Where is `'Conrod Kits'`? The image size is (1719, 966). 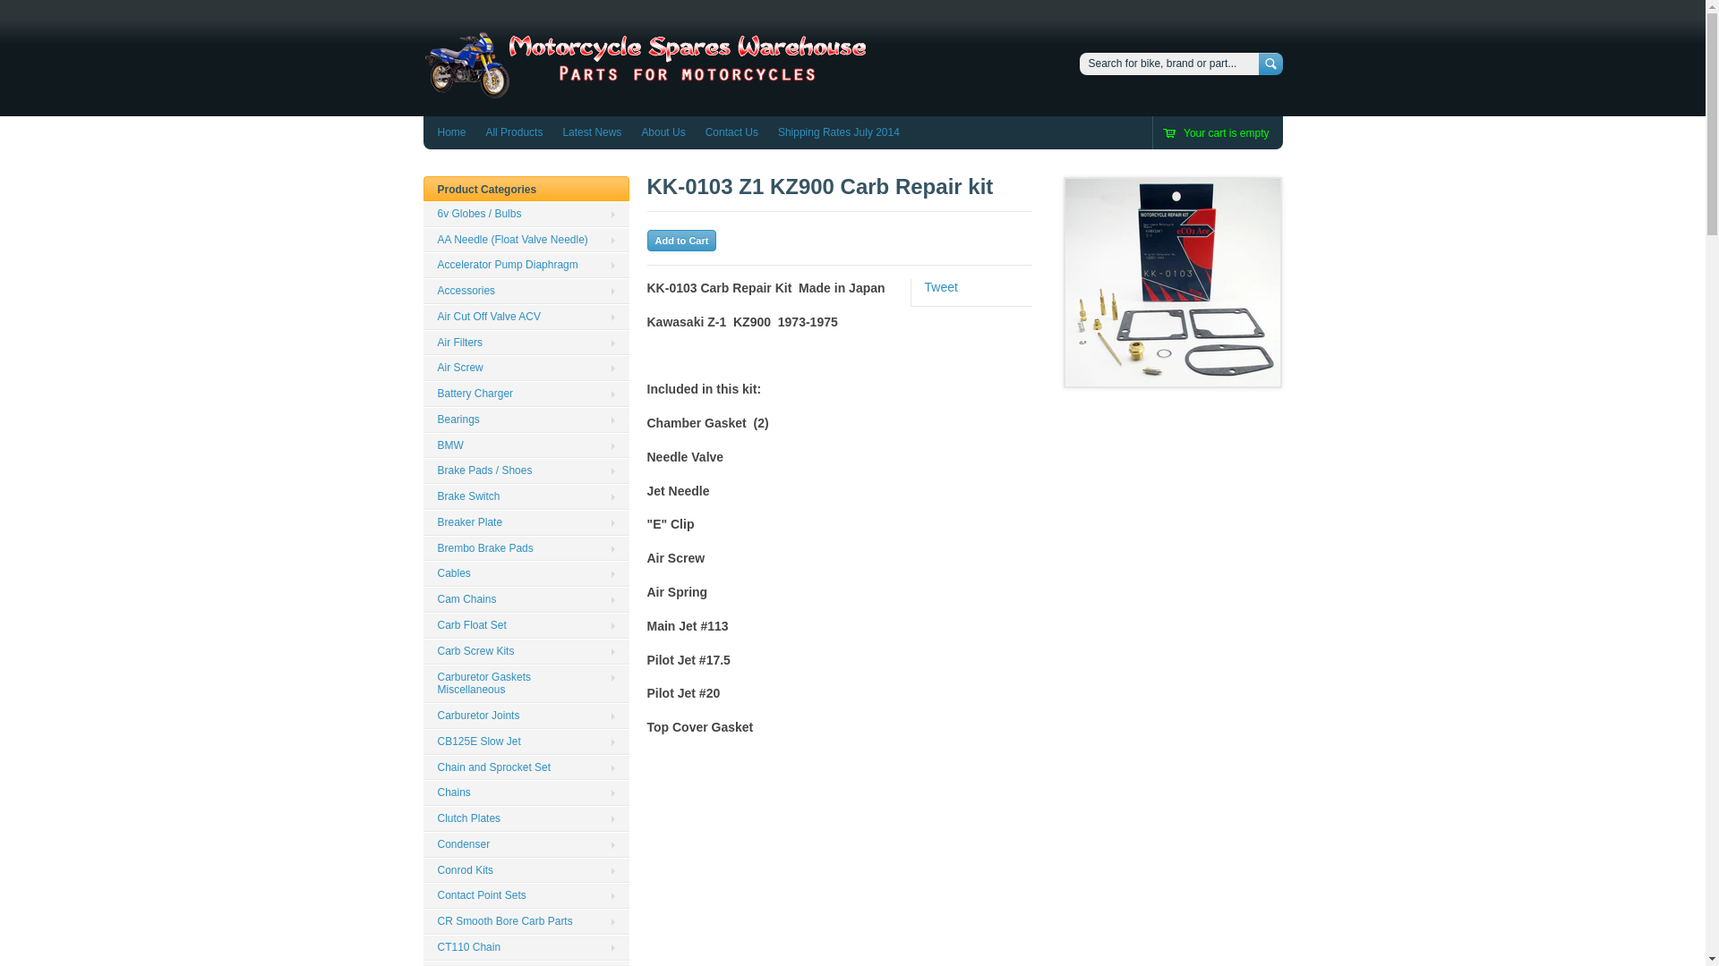 'Conrod Kits' is located at coordinates (524, 869).